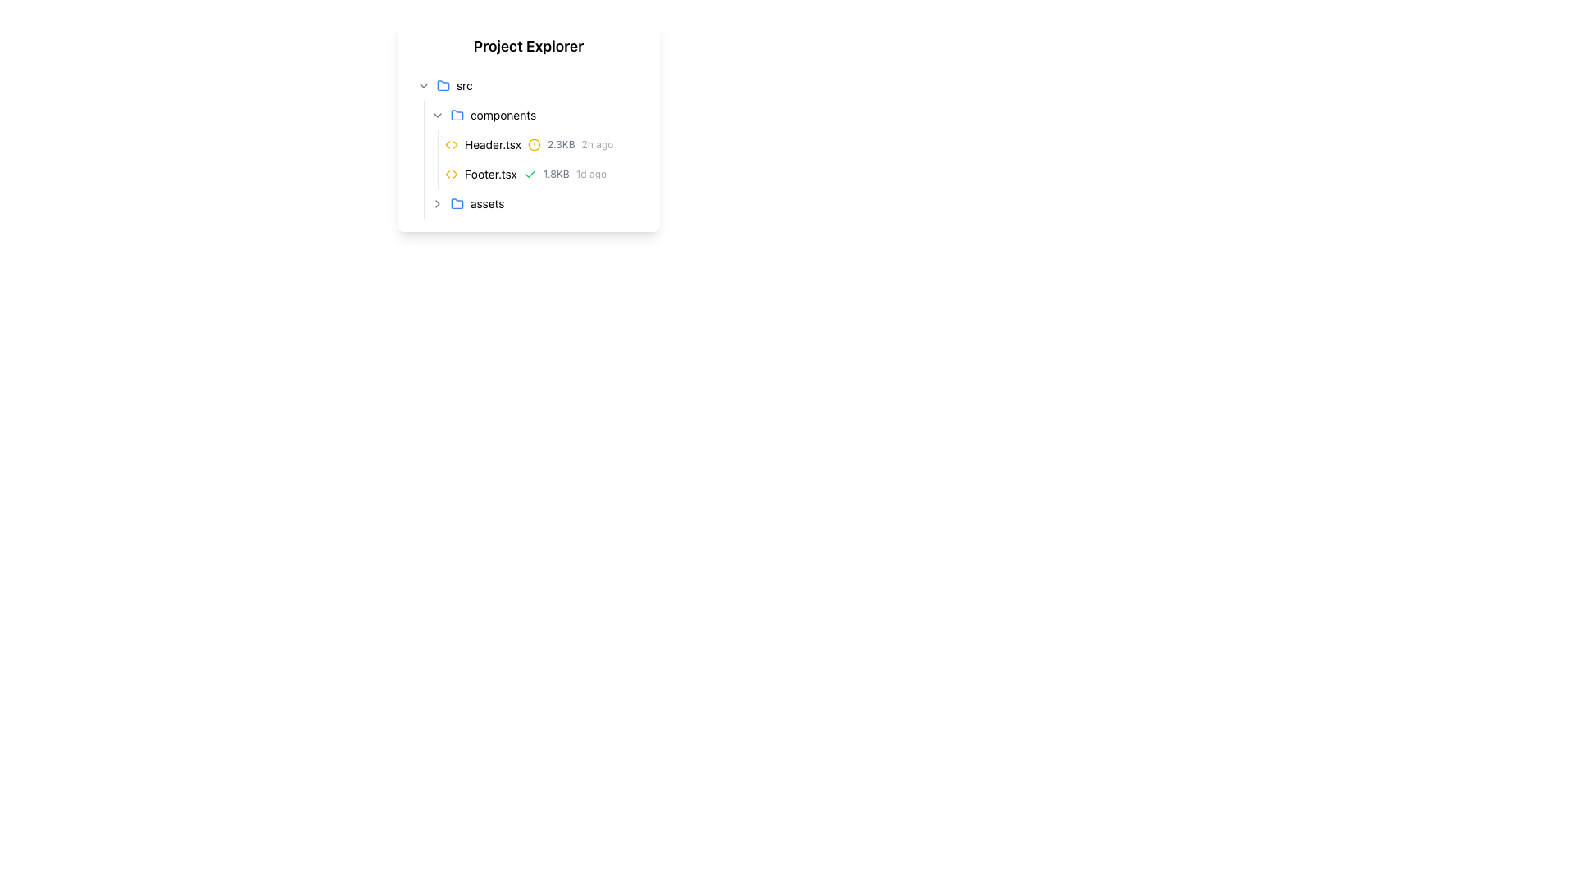 The width and height of the screenshot is (1574, 885). What do you see at coordinates (452, 174) in the screenshot?
I see `the Decorative icon styled as two opposing arrowheads ('<>') in bright yellow, located at the far left of the row for 'Footer.tsx'` at bounding box center [452, 174].